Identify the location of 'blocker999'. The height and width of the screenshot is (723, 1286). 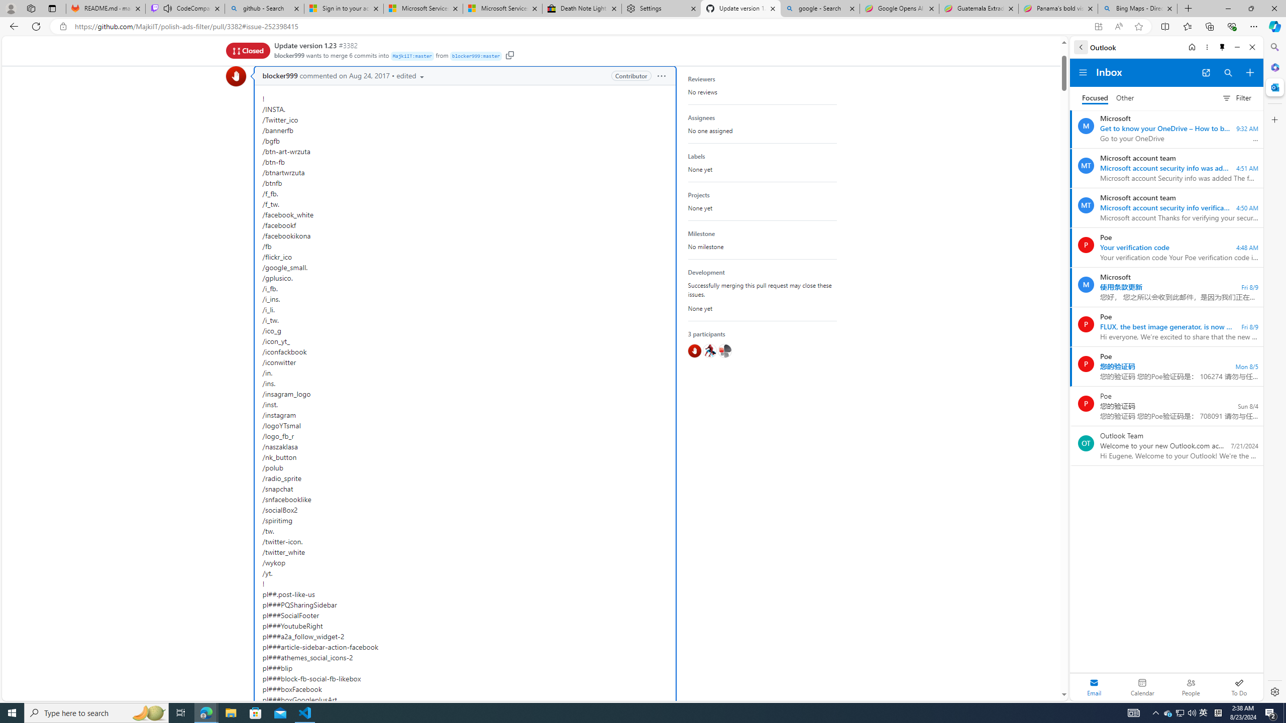
(235, 75).